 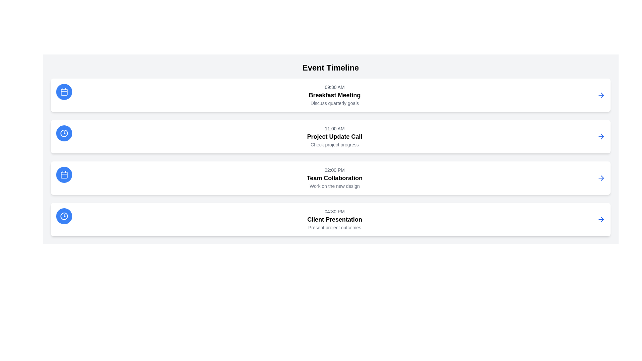 I want to click on the text block that displays the phrase 'Work on the new design', which is located directly below the 'Team Collaboration' text in the event details for the 02:00 PM slot, so click(x=335, y=186).